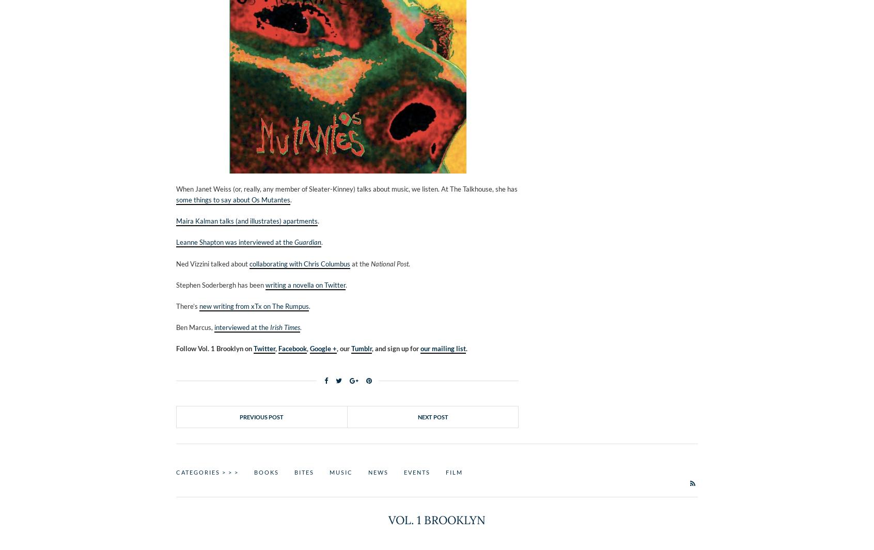  What do you see at coordinates (175, 306) in the screenshot?
I see `'There’s'` at bounding box center [175, 306].